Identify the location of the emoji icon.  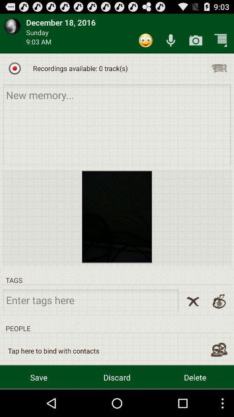
(146, 43).